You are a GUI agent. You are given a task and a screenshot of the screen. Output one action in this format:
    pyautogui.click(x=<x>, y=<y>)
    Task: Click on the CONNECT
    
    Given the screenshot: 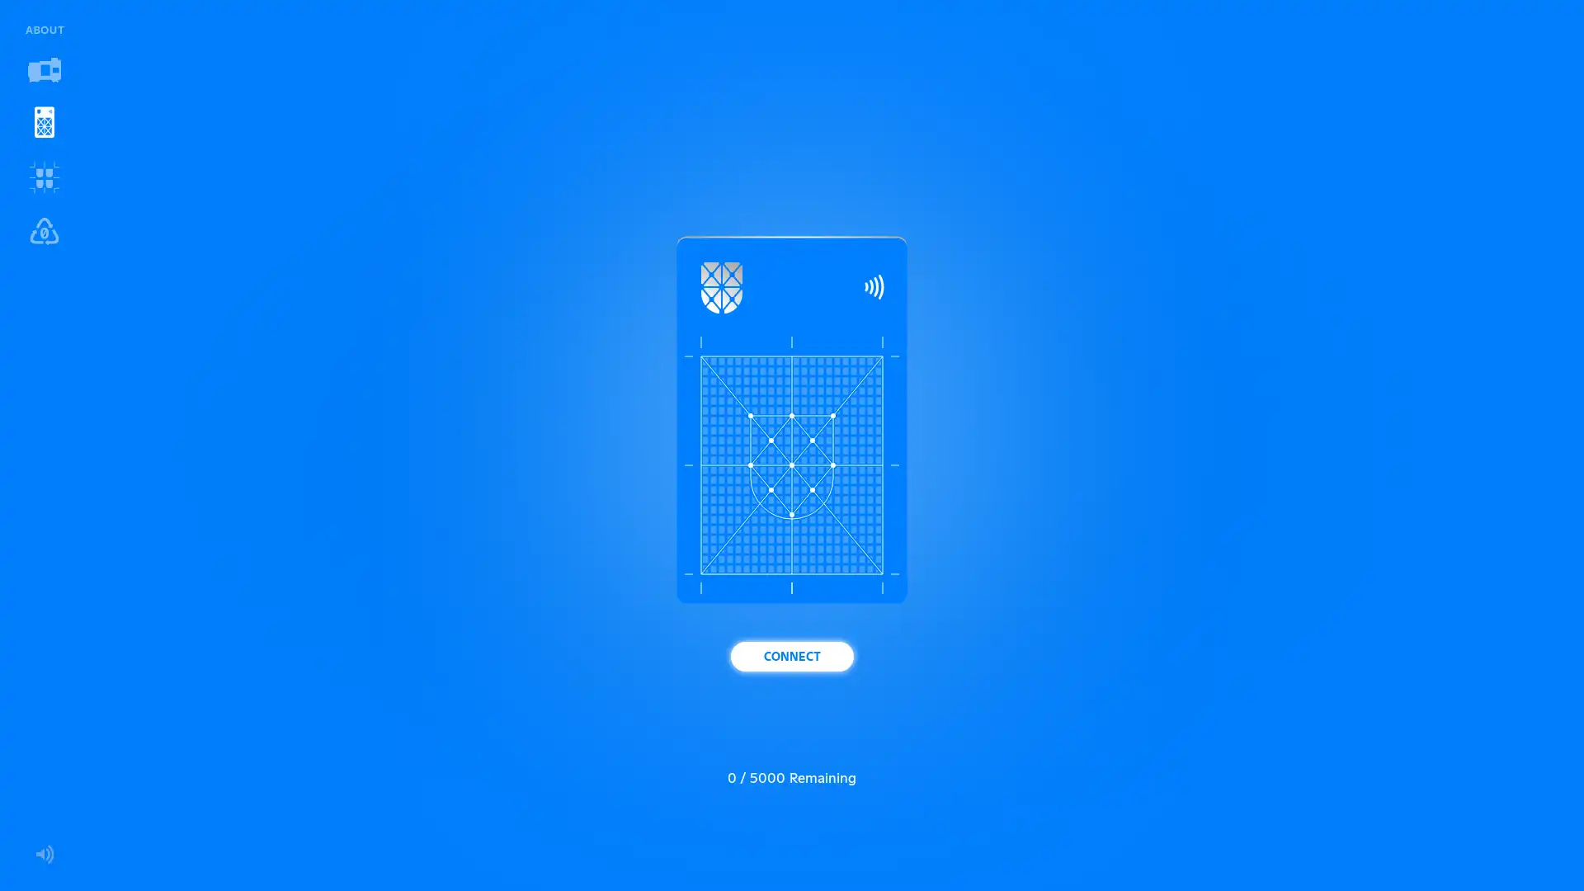 What is the action you would take?
    pyautogui.click(x=790, y=654)
    